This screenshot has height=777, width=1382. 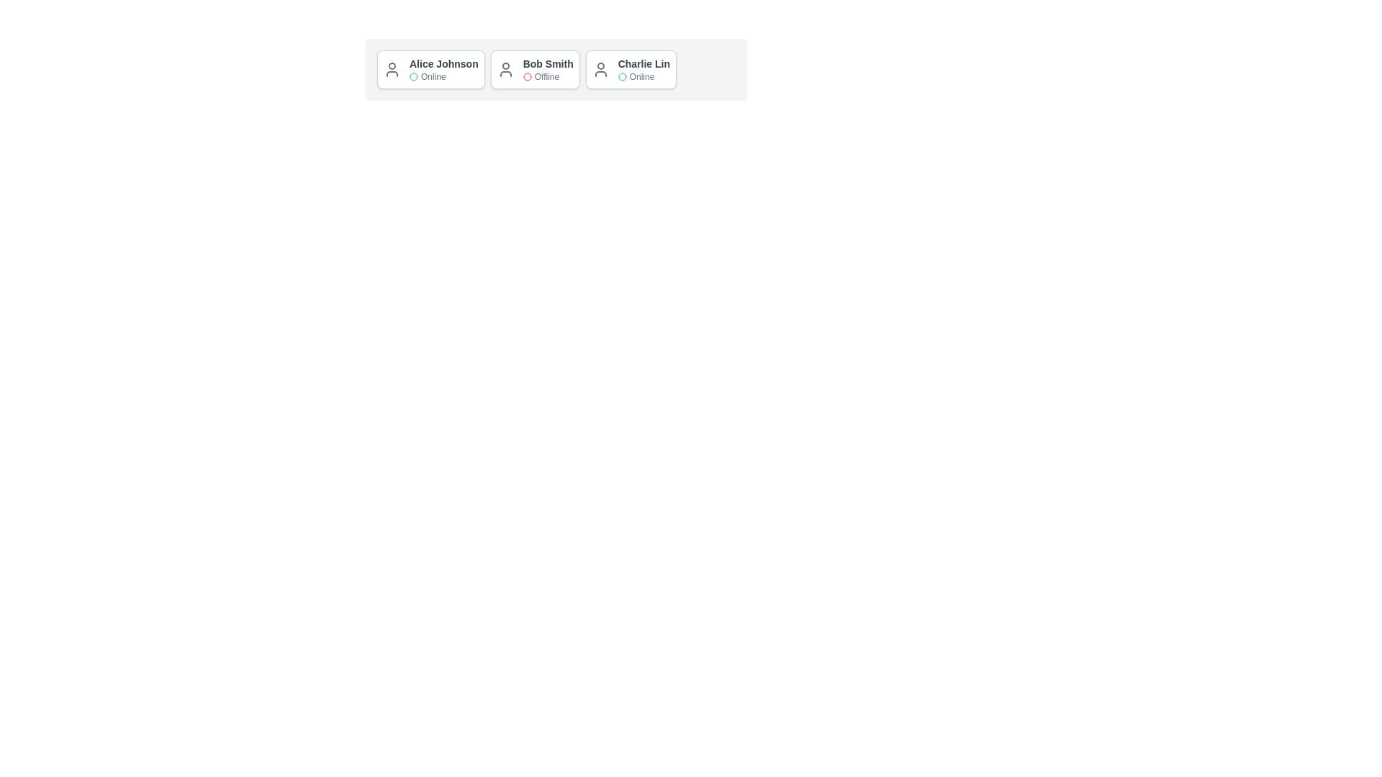 I want to click on the user icon corresponding to Alice Johnson, so click(x=392, y=69).